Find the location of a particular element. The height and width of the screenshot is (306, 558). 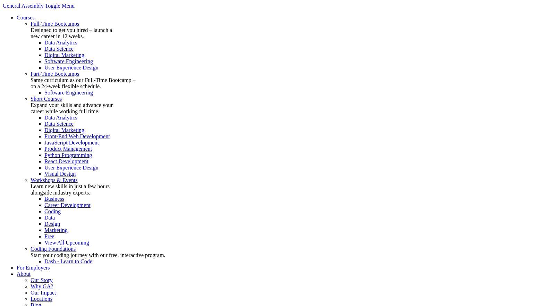

'Learn new skills in just a few hours' is located at coordinates (69, 186).